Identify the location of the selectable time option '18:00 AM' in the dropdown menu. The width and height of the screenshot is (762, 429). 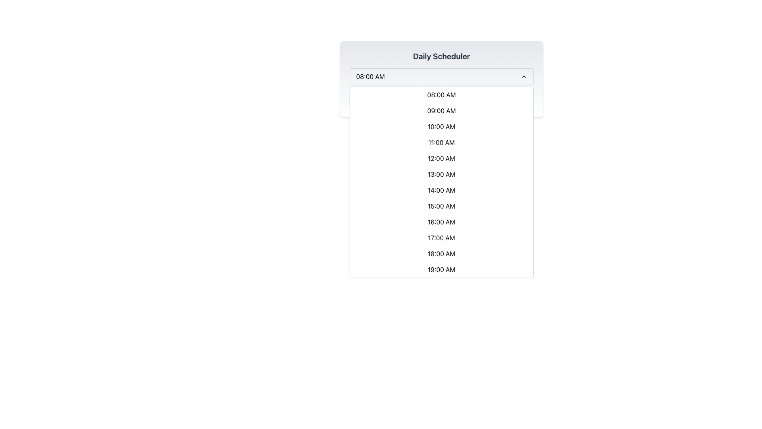
(441, 254).